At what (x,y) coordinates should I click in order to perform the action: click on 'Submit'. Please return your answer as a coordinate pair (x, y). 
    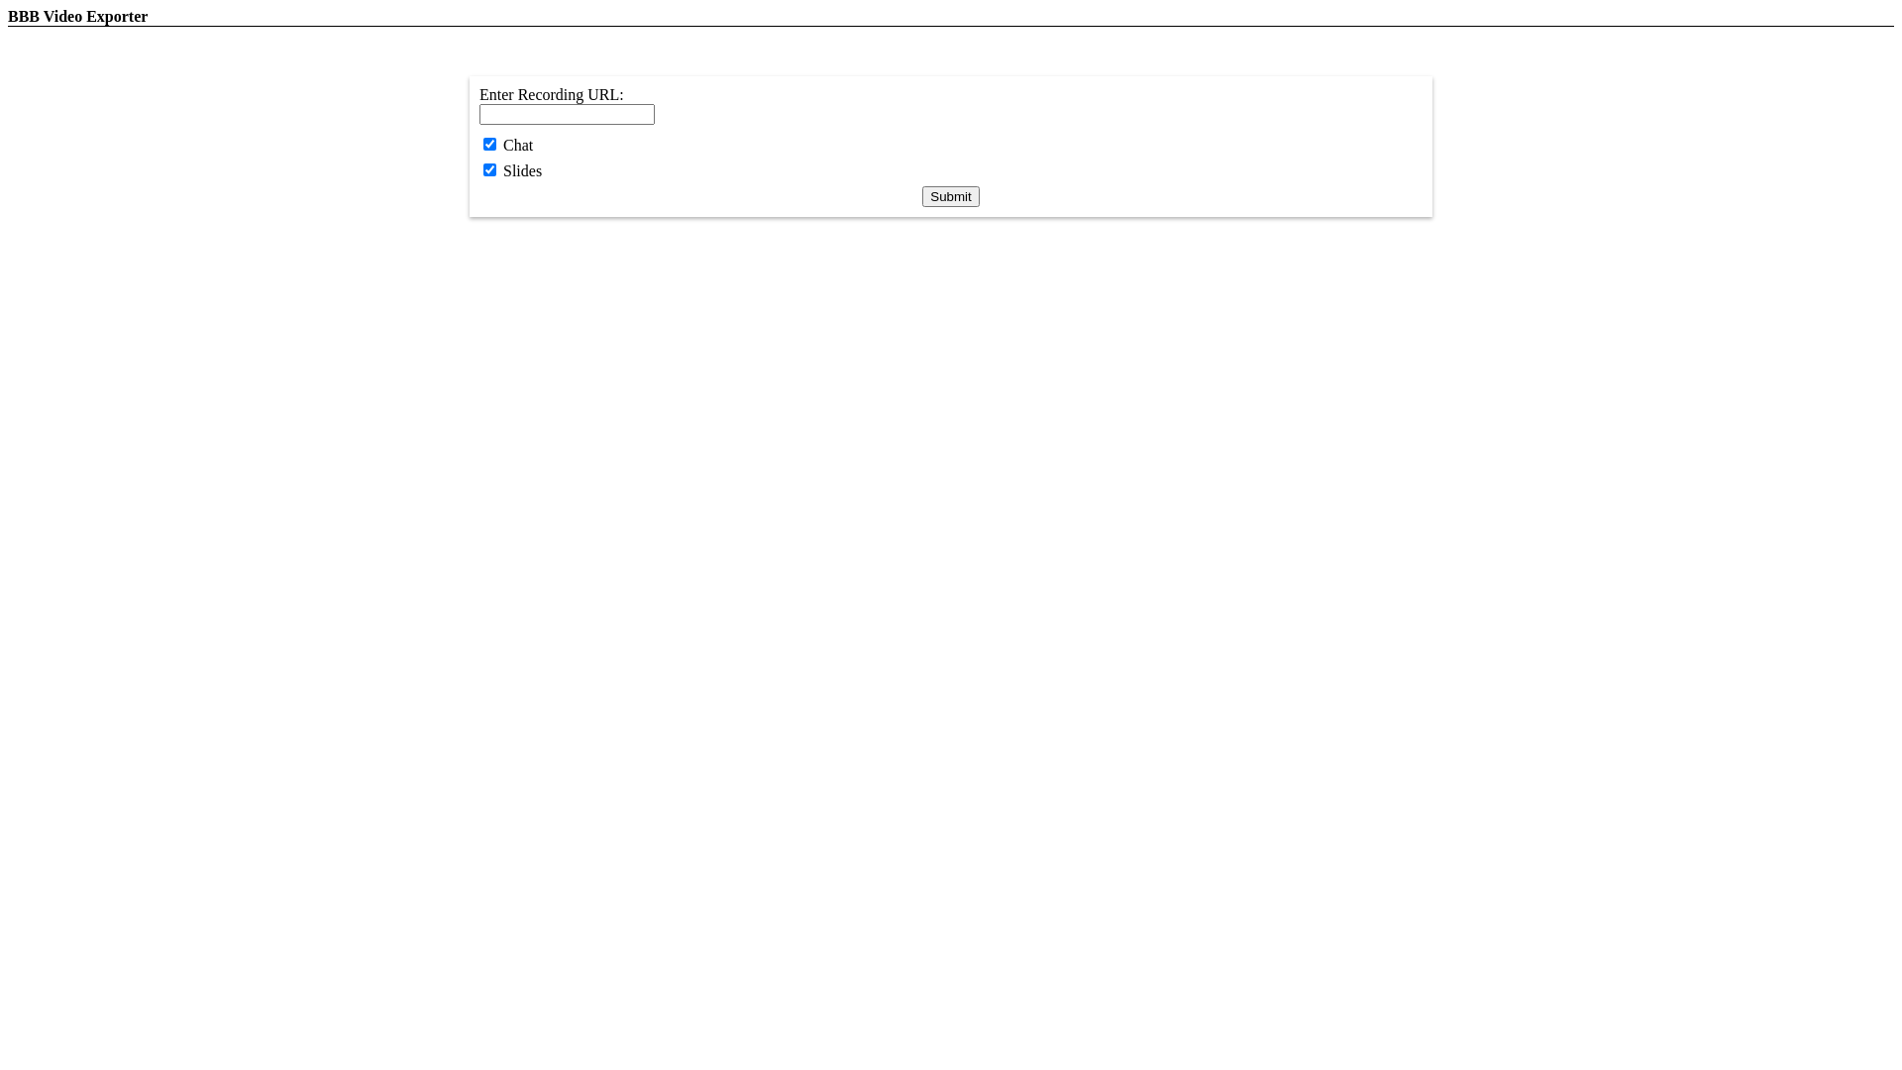
    Looking at the image, I should click on (949, 196).